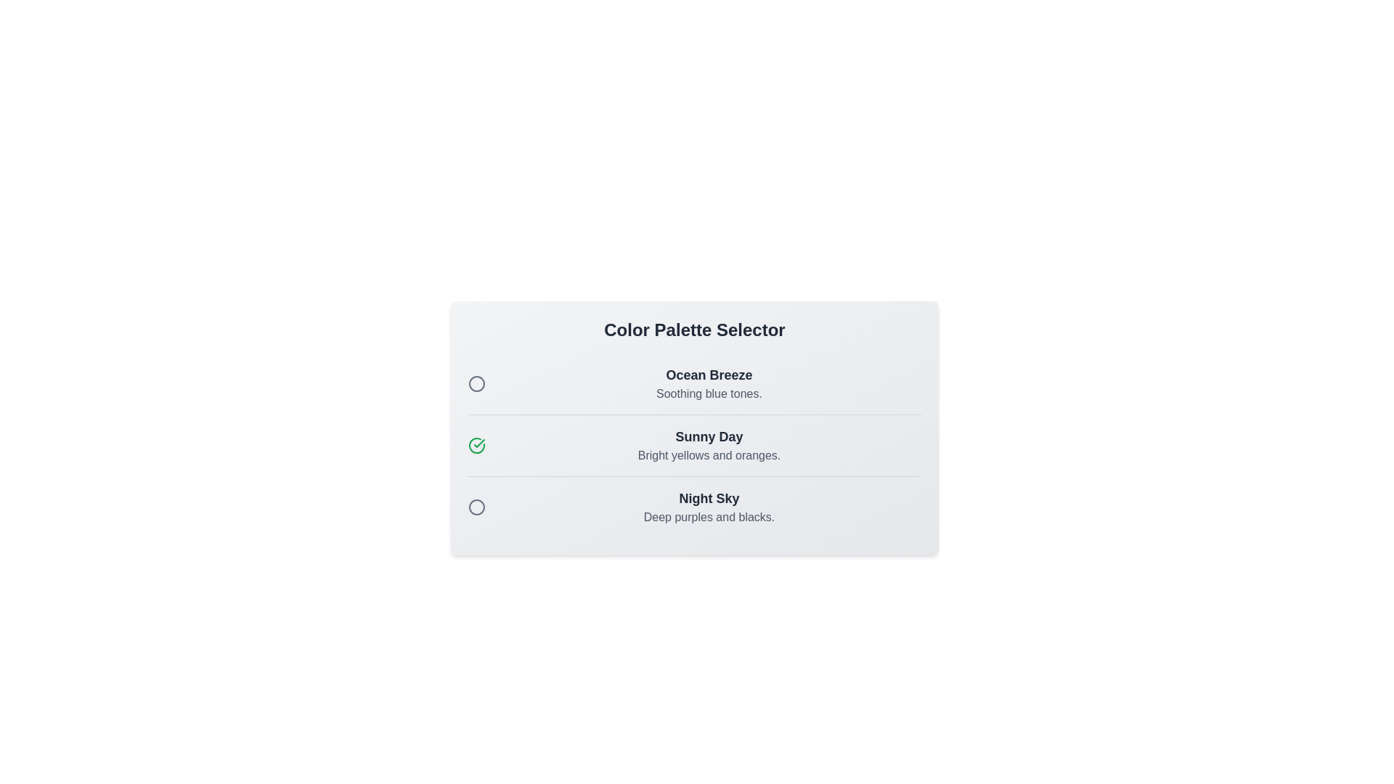  Describe the element at coordinates (477, 444) in the screenshot. I see `the color palette Sunny Day` at that location.